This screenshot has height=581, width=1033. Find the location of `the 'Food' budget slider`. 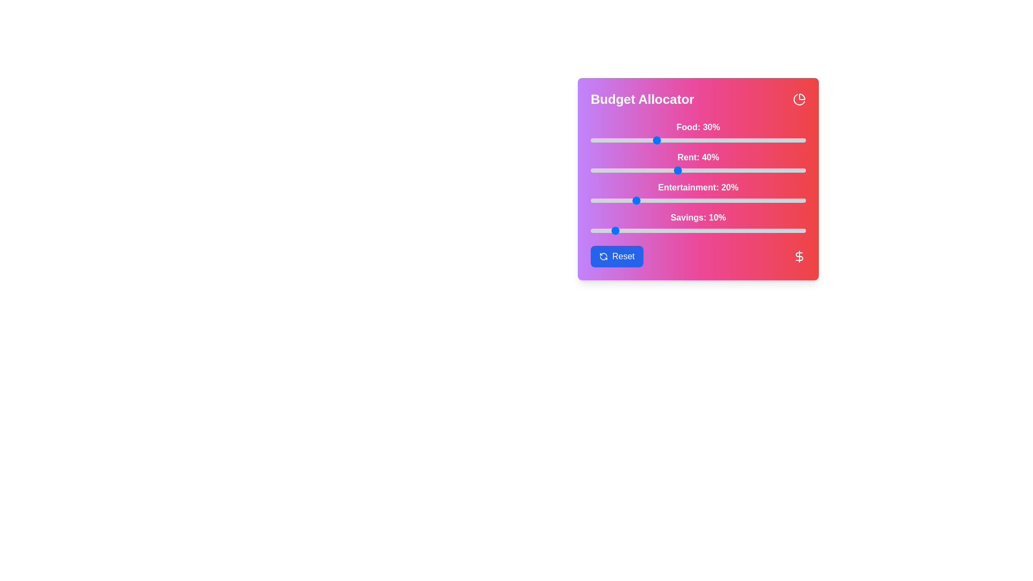

the 'Food' budget slider is located at coordinates (764, 140).